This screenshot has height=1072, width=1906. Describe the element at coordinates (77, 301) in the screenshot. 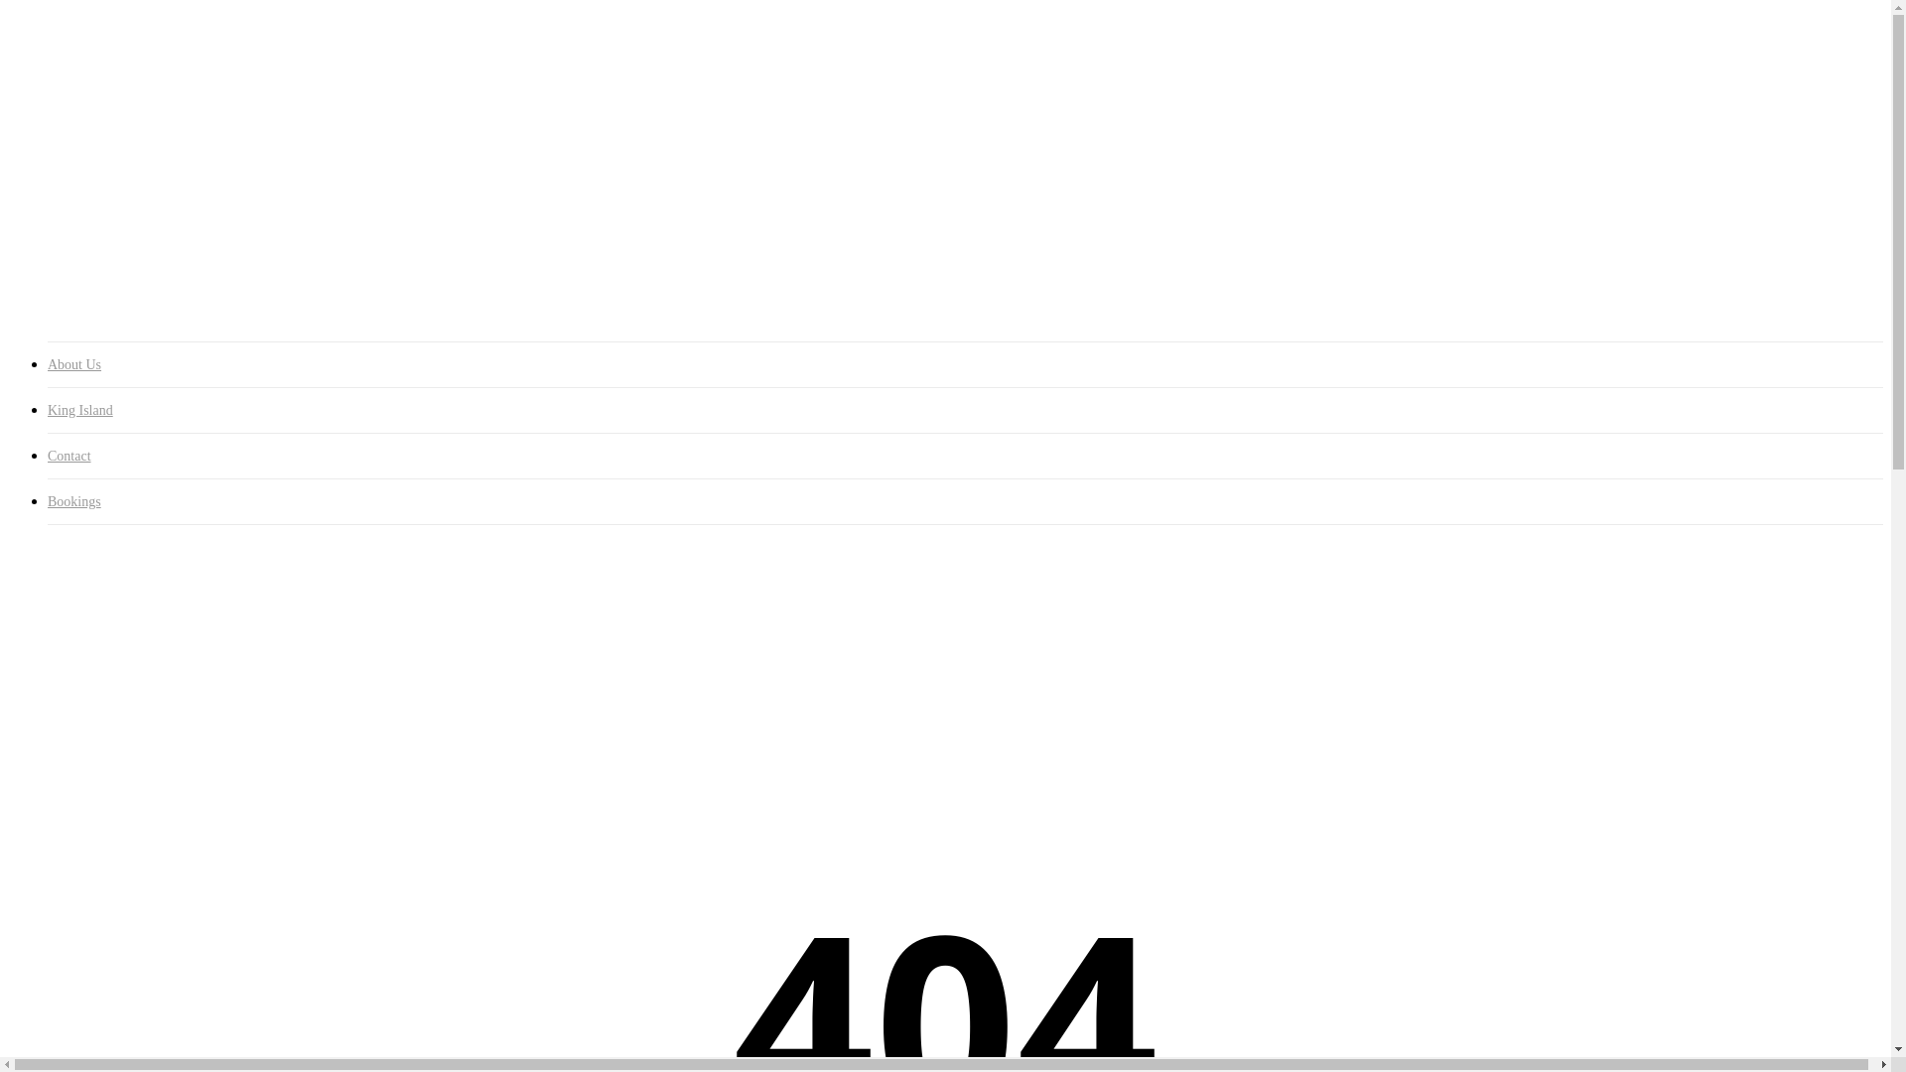

I see `'Bookings'` at that location.